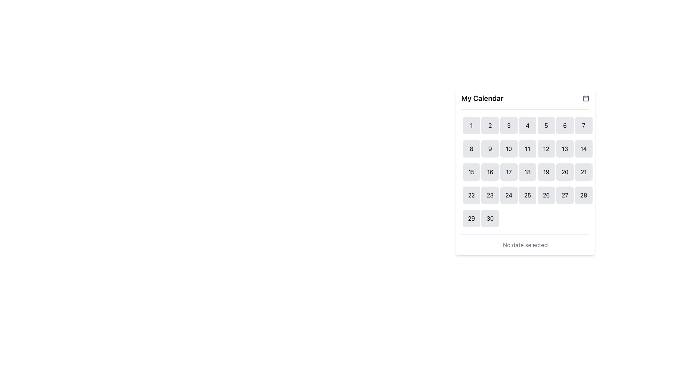 Image resolution: width=698 pixels, height=392 pixels. Describe the element at coordinates (527, 125) in the screenshot. I see `the square button with a light gray background containing the number '4' in black text` at that location.